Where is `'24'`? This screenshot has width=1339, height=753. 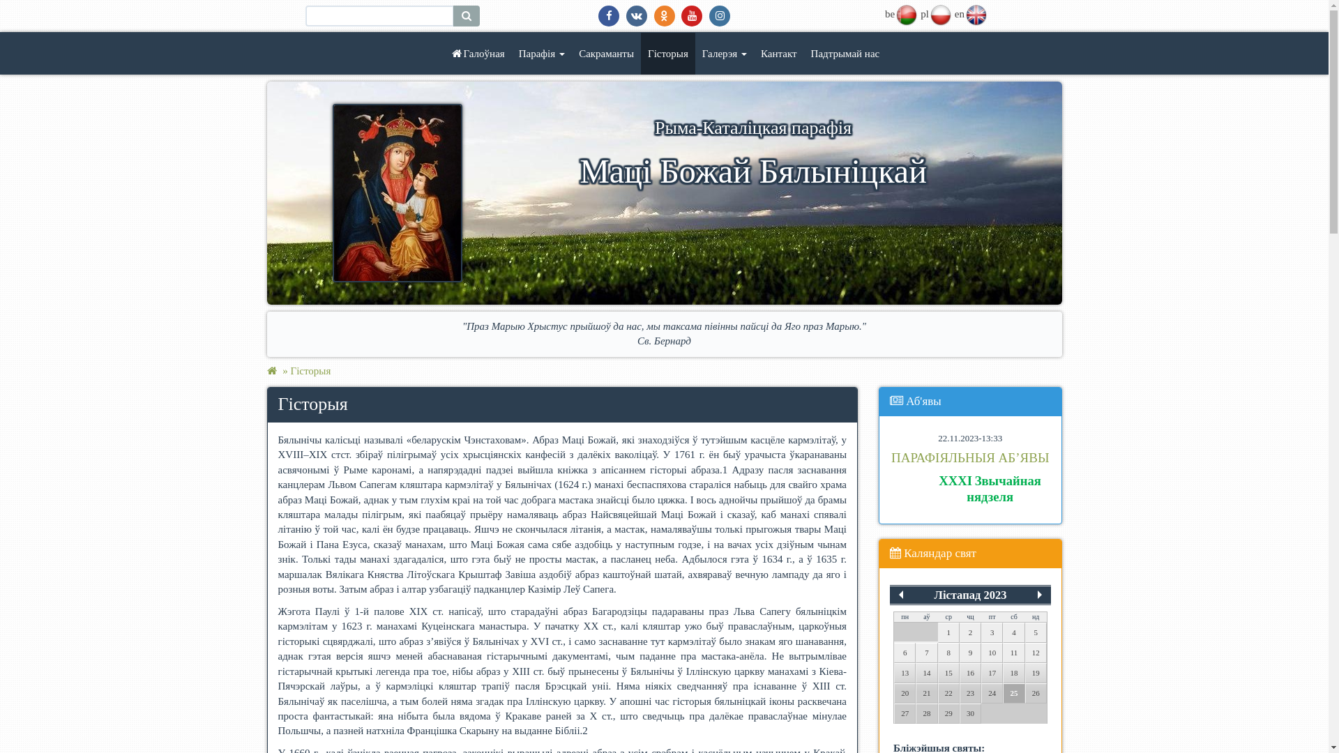 '24' is located at coordinates (991, 693).